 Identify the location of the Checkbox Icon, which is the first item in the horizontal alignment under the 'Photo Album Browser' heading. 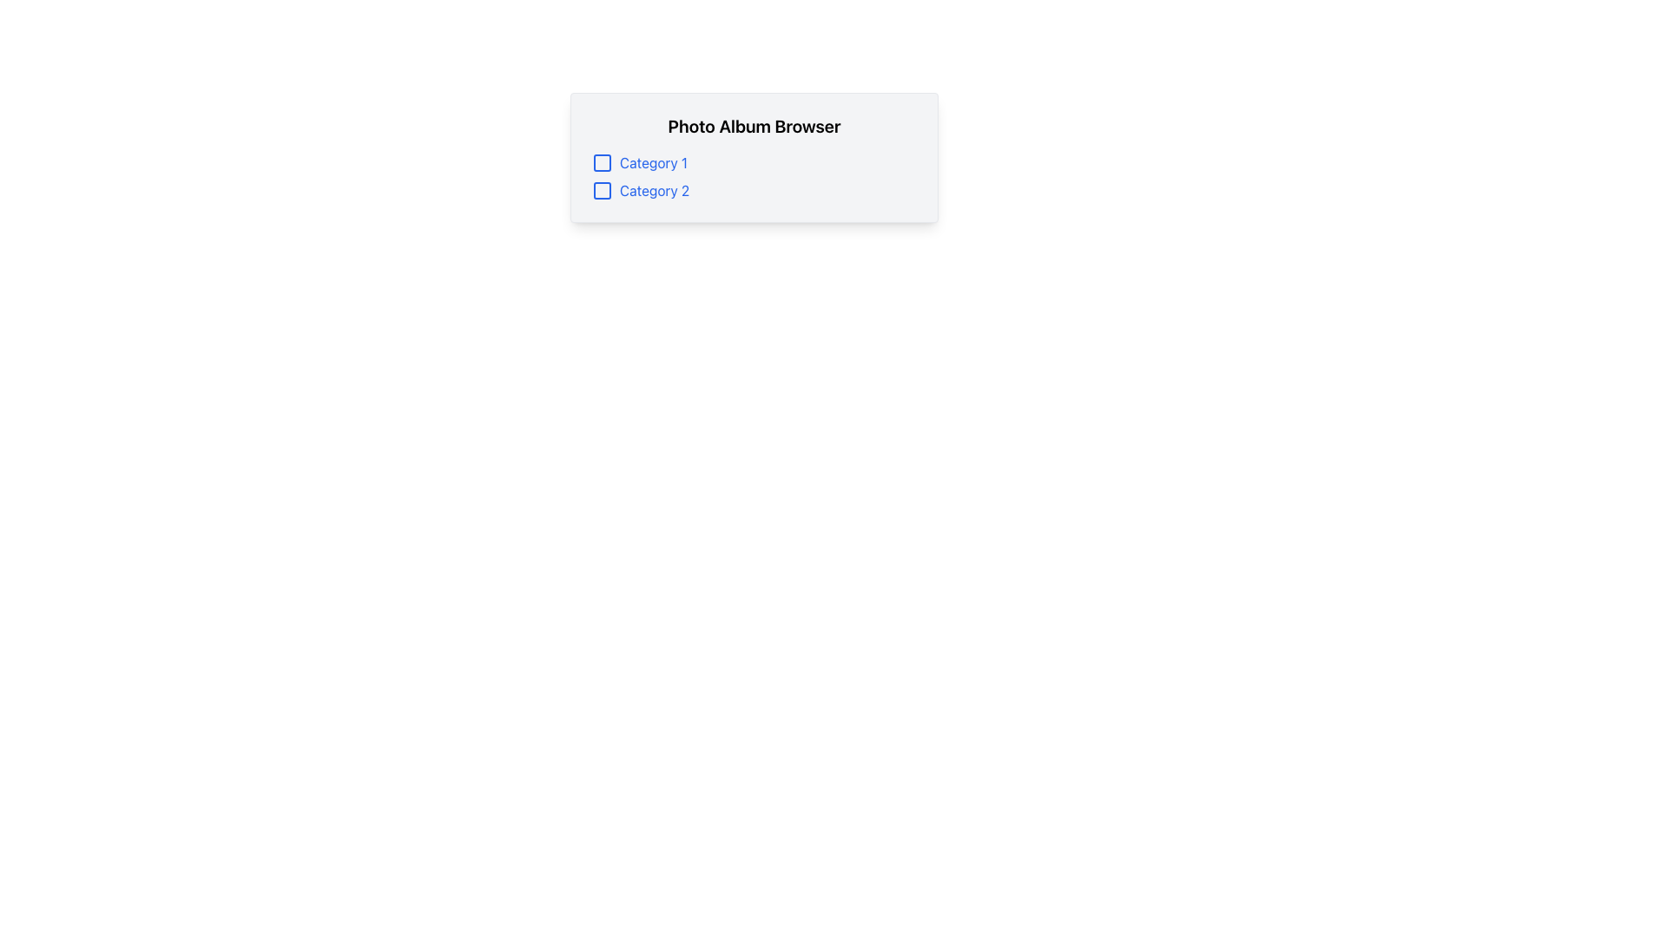
(603, 163).